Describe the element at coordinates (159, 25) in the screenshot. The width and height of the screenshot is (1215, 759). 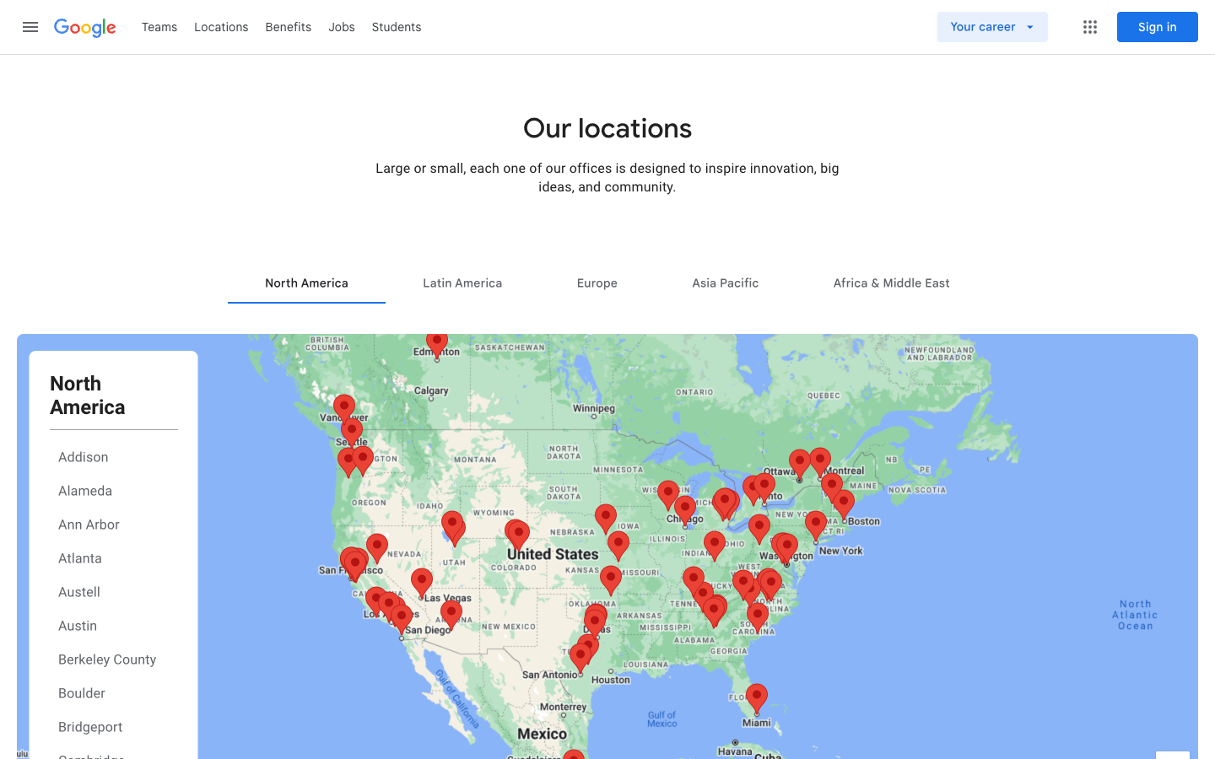
I see `Switch to the Teams interface` at that location.